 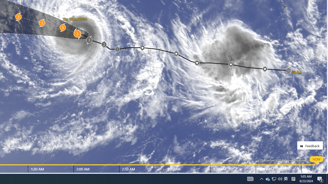 I want to click on 'Class: feedback_link_icon-DS-EntryPoint1-1', so click(x=302, y=146).